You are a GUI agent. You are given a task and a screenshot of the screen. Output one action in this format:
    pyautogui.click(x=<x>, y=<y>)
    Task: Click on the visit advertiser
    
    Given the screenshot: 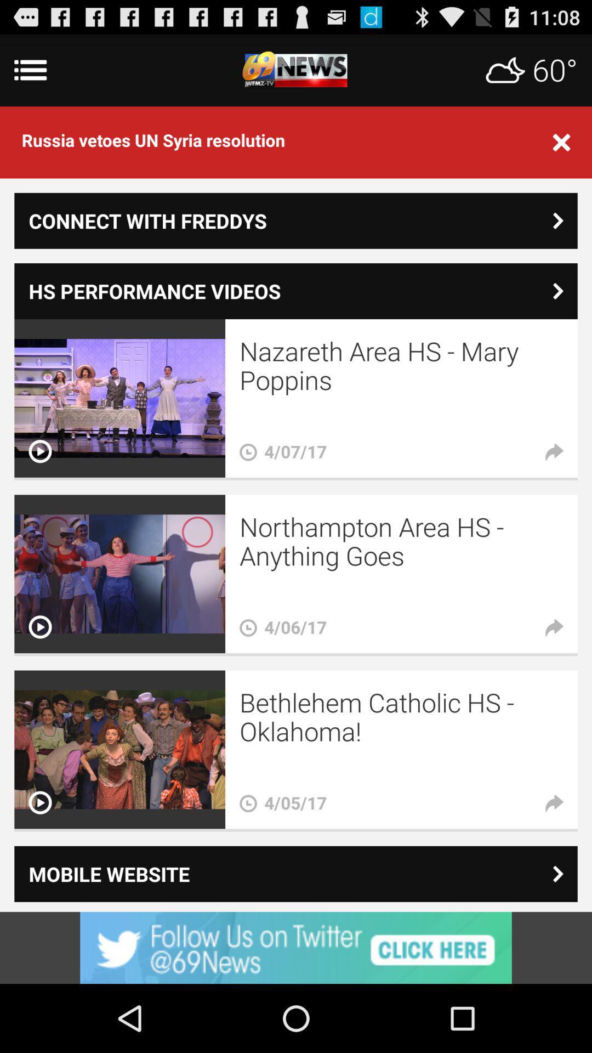 What is the action you would take?
    pyautogui.click(x=296, y=947)
    